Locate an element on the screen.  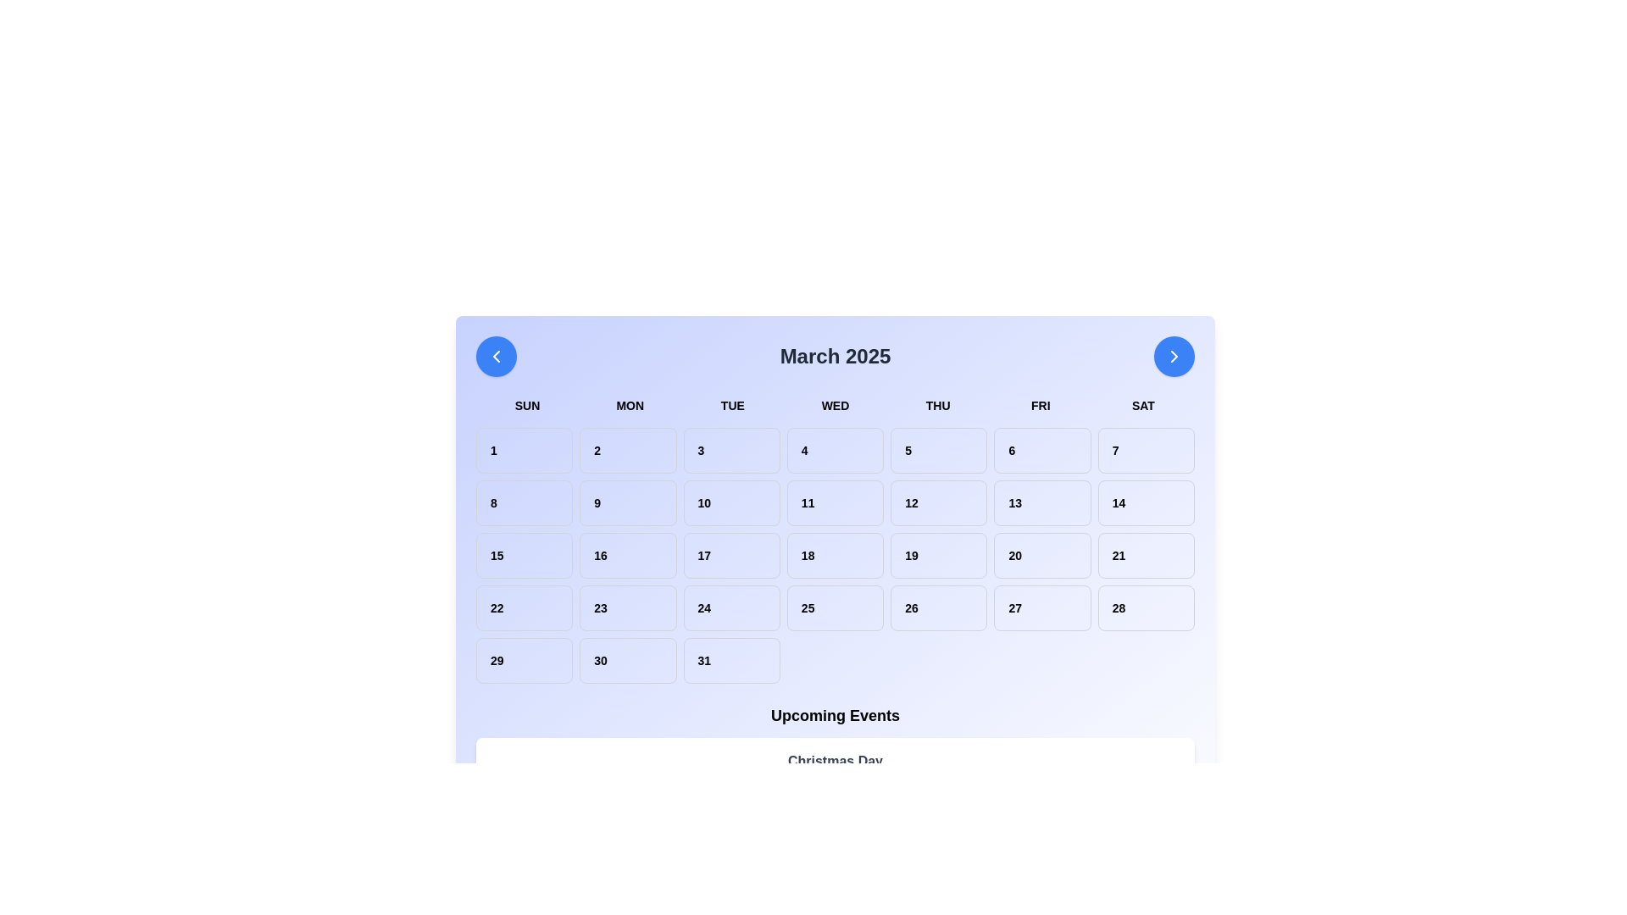
the button displaying the number '27' in the calendar grid is located at coordinates (1041, 607).